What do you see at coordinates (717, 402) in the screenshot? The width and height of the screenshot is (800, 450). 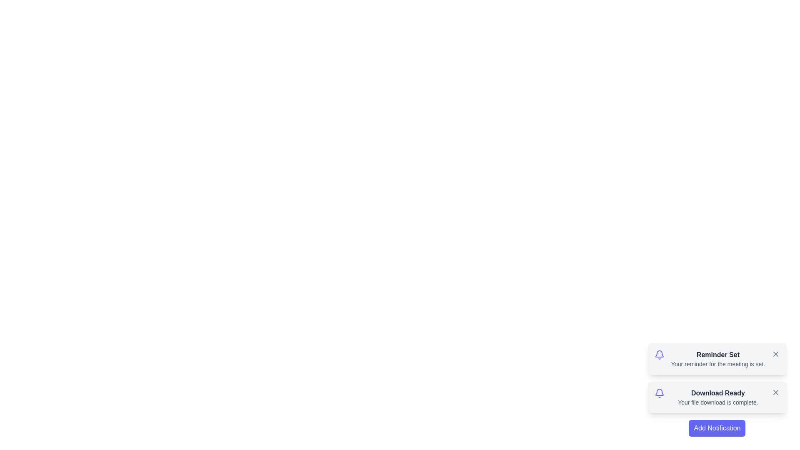 I see `text string 'Your file download is complete.' located below 'Download Ready' in the notification card at the lower right of the interface` at bounding box center [717, 402].